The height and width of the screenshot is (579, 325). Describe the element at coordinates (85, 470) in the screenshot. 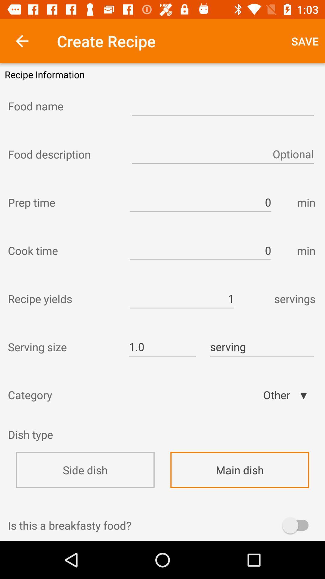

I see `icon below dish type` at that location.